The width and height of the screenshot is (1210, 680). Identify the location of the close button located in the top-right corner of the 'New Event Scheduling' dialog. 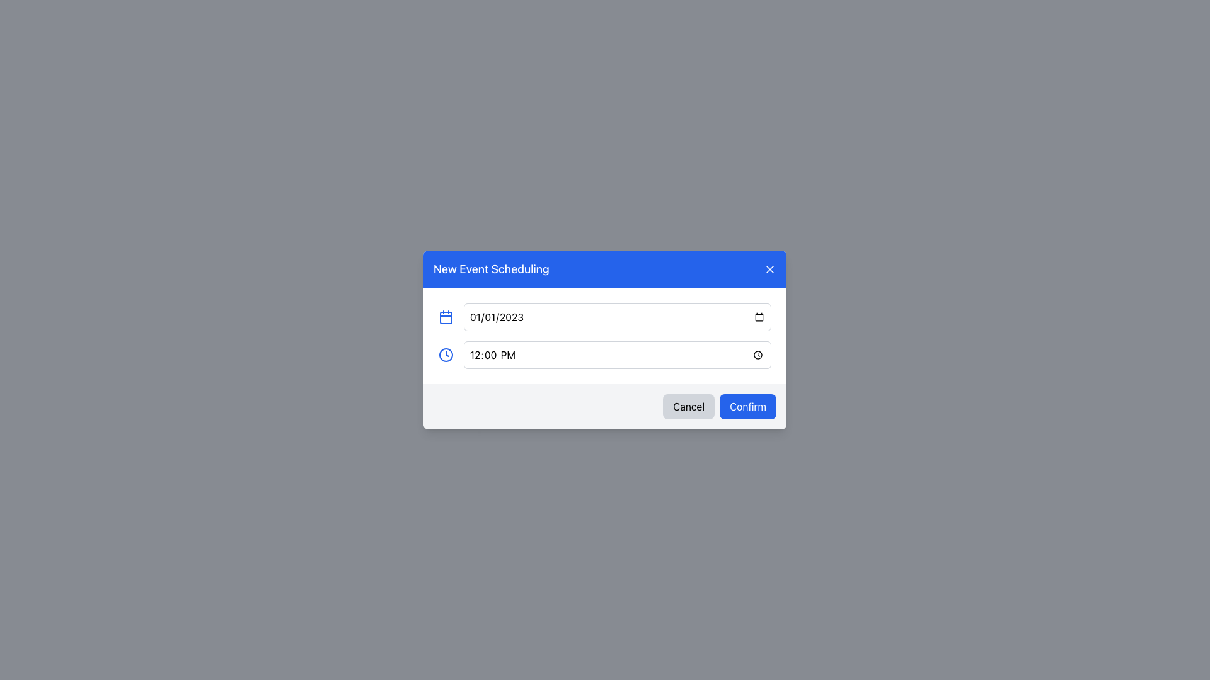
(769, 269).